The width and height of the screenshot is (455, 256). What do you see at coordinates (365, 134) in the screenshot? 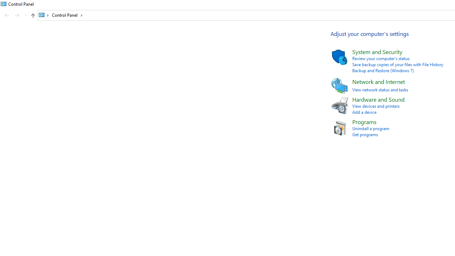
I see `'Get programs'` at bounding box center [365, 134].